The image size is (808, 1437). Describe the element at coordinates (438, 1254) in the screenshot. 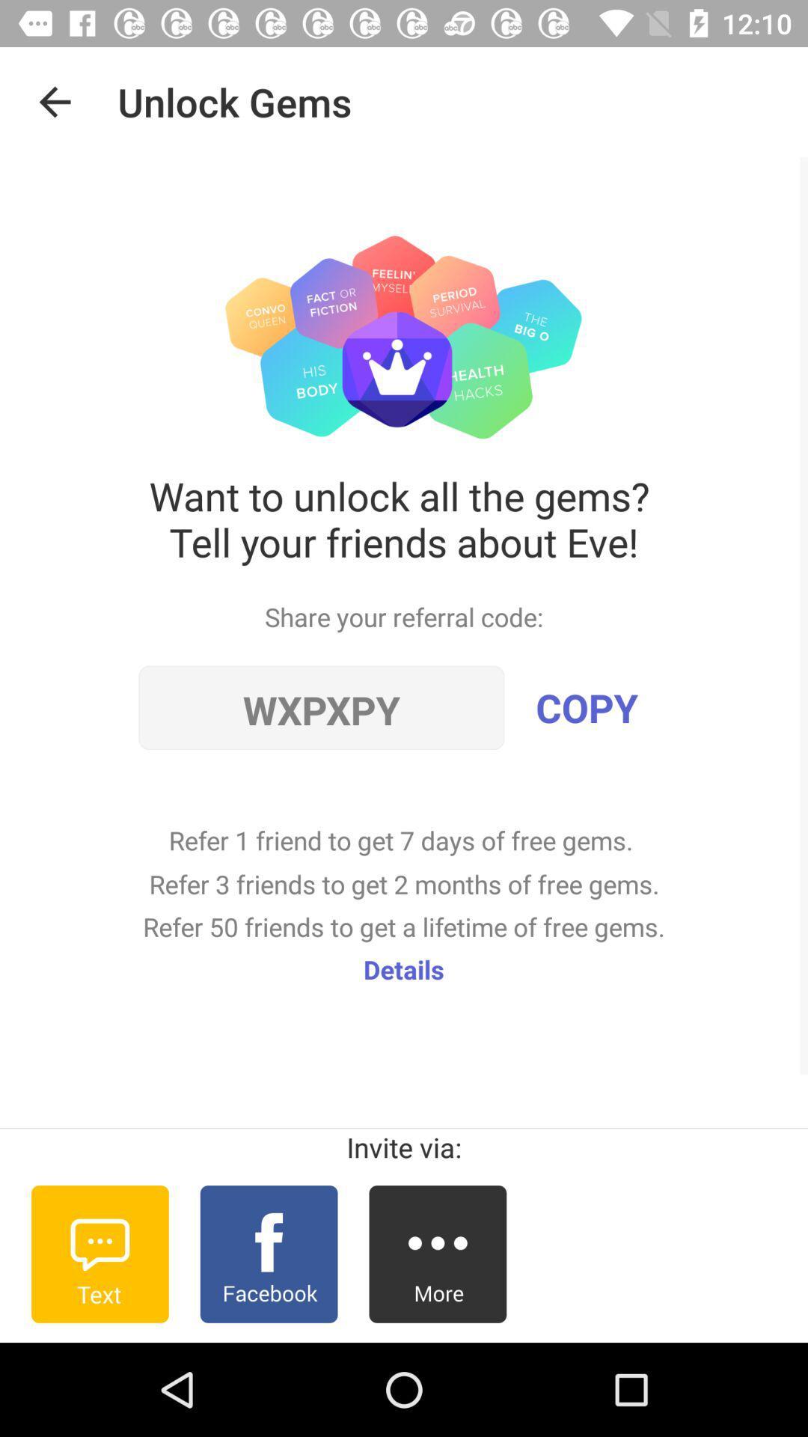

I see `more options` at that location.